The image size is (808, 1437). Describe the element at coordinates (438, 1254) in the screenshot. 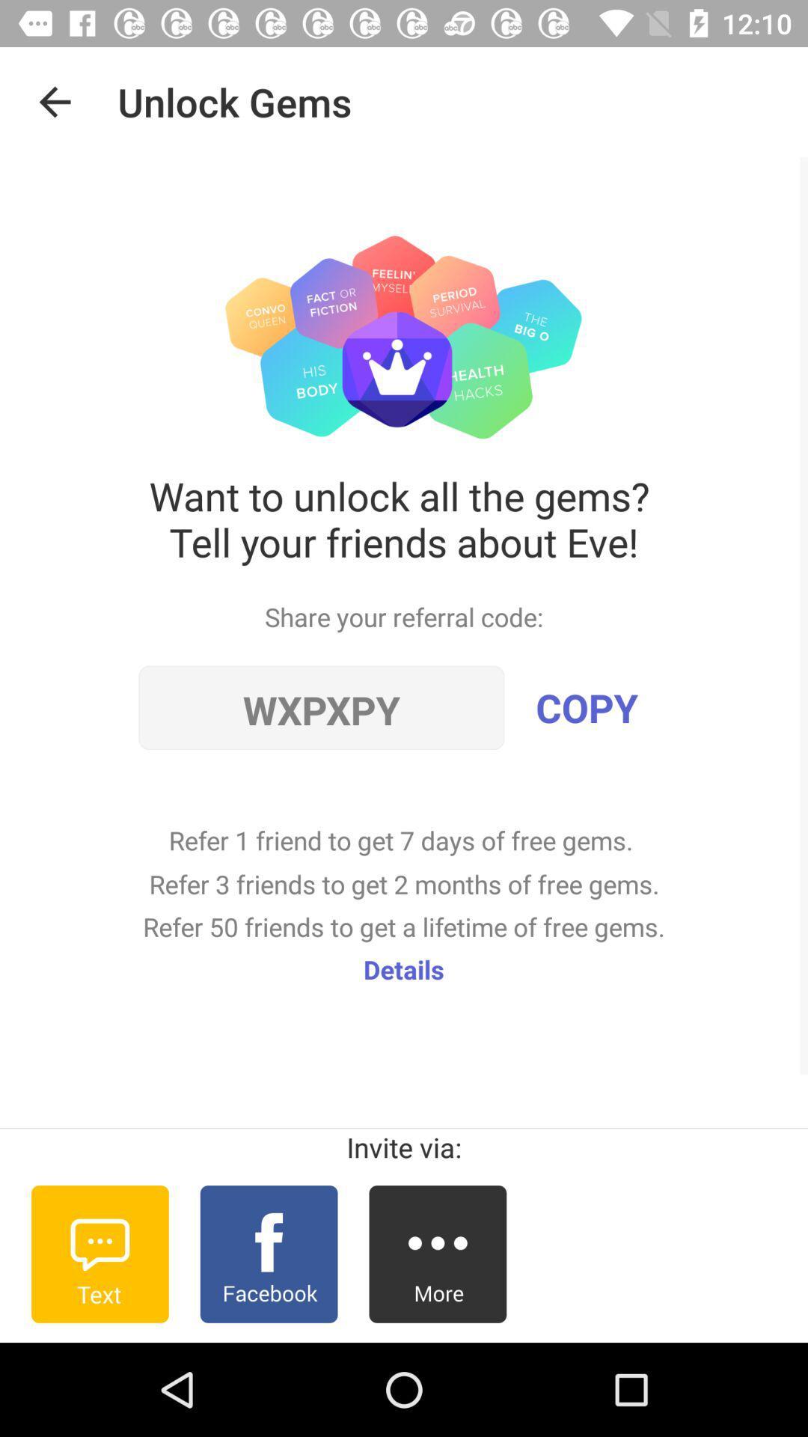

I see `more options` at that location.